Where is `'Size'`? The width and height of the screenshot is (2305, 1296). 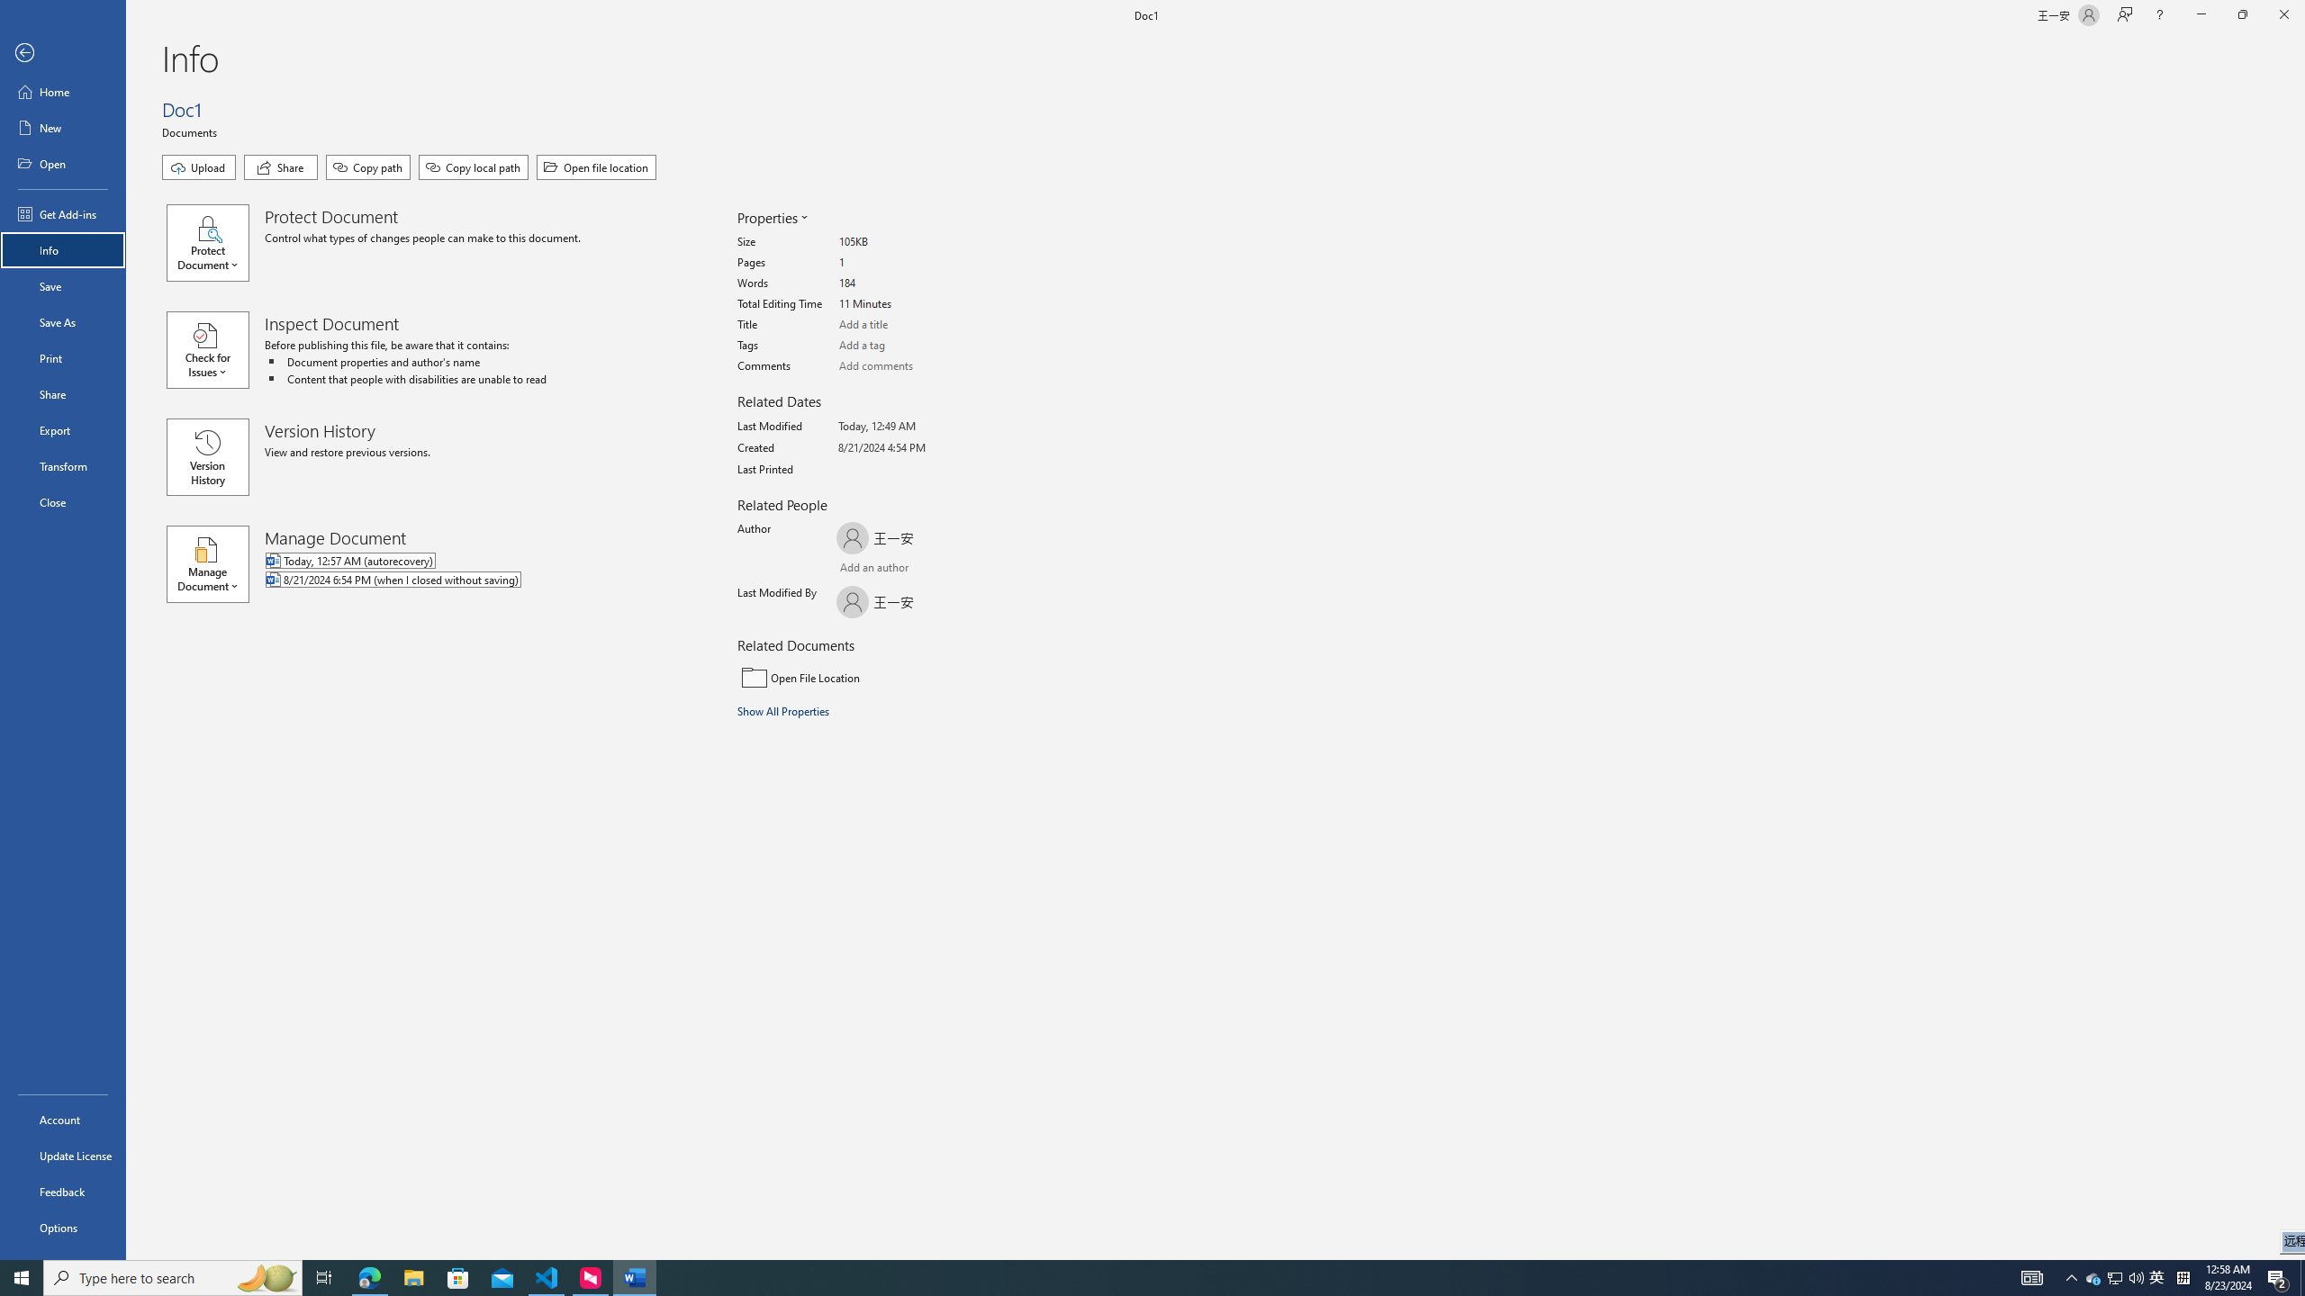 'Size' is located at coordinates (906, 242).